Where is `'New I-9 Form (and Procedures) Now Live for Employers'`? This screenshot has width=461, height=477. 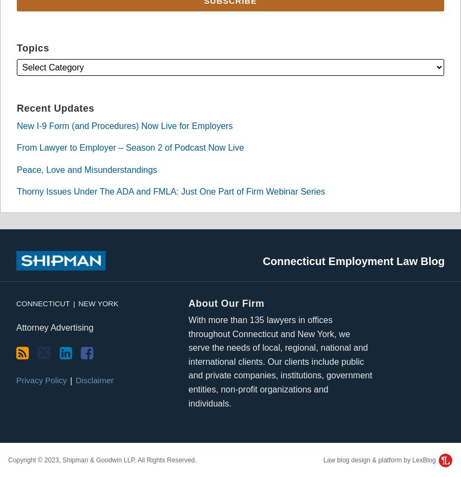
'New I-9 Form (and Procedures) Now Live for Employers' is located at coordinates (125, 125).